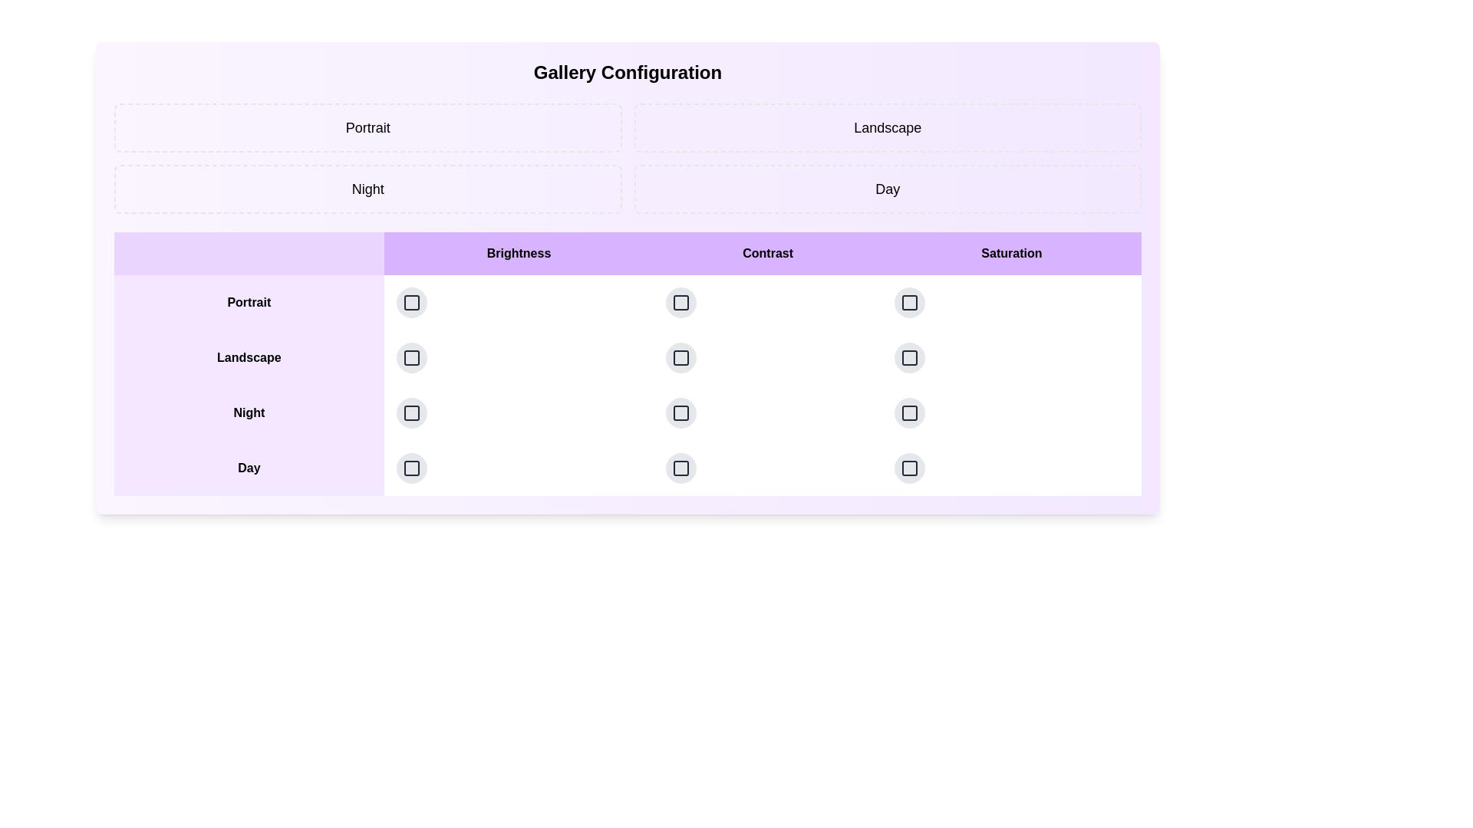 Image resolution: width=1473 pixels, height=828 pixels. I want to click on the checkbox for the 'Night' option under the 'Brightness' configuration, so click(411, 412).